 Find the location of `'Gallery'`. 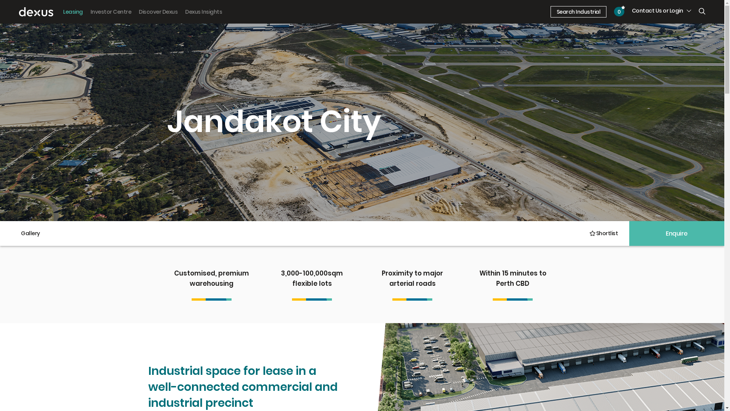

'Gallery' is located at coordinates (30, 233).